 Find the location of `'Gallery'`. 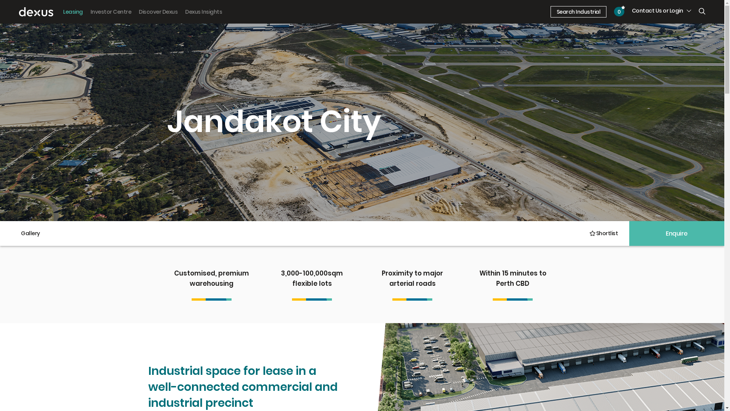

'Gallery' is located at coordinates (30, 233).